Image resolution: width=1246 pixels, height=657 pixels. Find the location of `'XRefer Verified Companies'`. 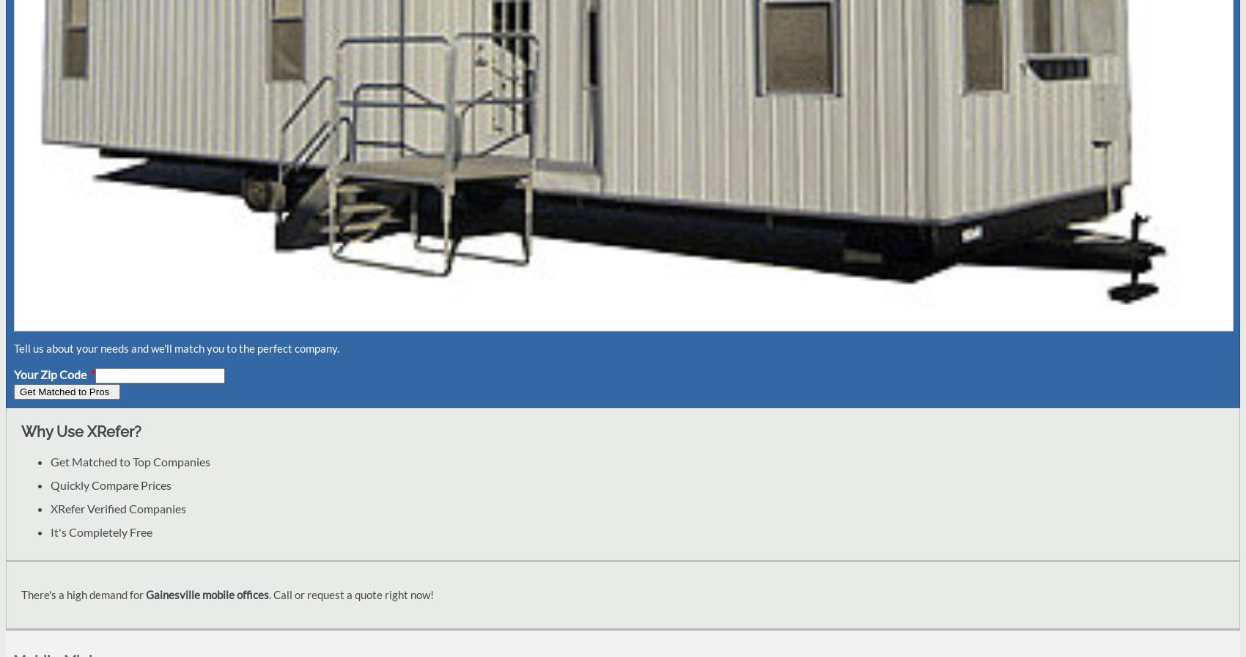

'XRefer Verified Companies' is located at coordinates (117, 507).